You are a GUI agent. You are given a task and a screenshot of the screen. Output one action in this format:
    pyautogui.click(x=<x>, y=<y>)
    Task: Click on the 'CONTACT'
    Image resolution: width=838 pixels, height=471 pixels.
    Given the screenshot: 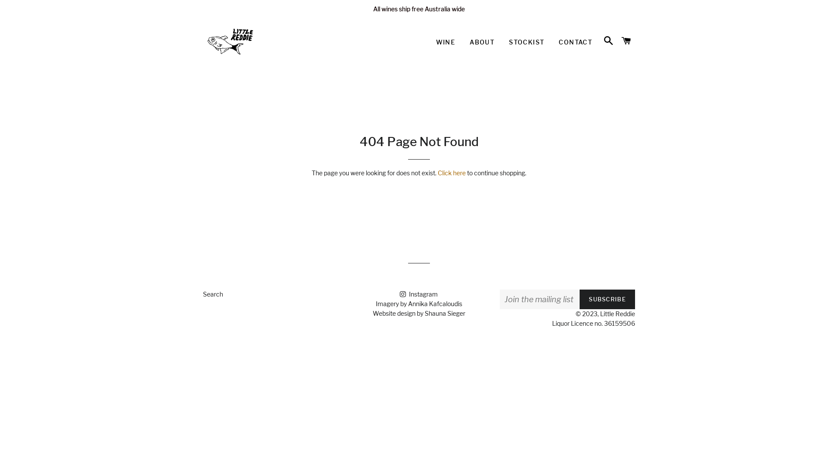 What is the action you would take?
    pyautogui.click(x=575, y=42)
    